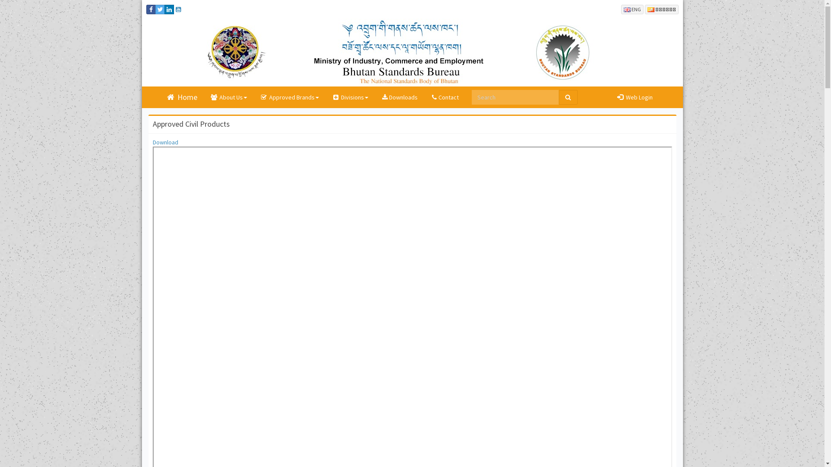 The height and width of the screenshot is (467, 831). I want to click on 'About Us', so click(229, 97).